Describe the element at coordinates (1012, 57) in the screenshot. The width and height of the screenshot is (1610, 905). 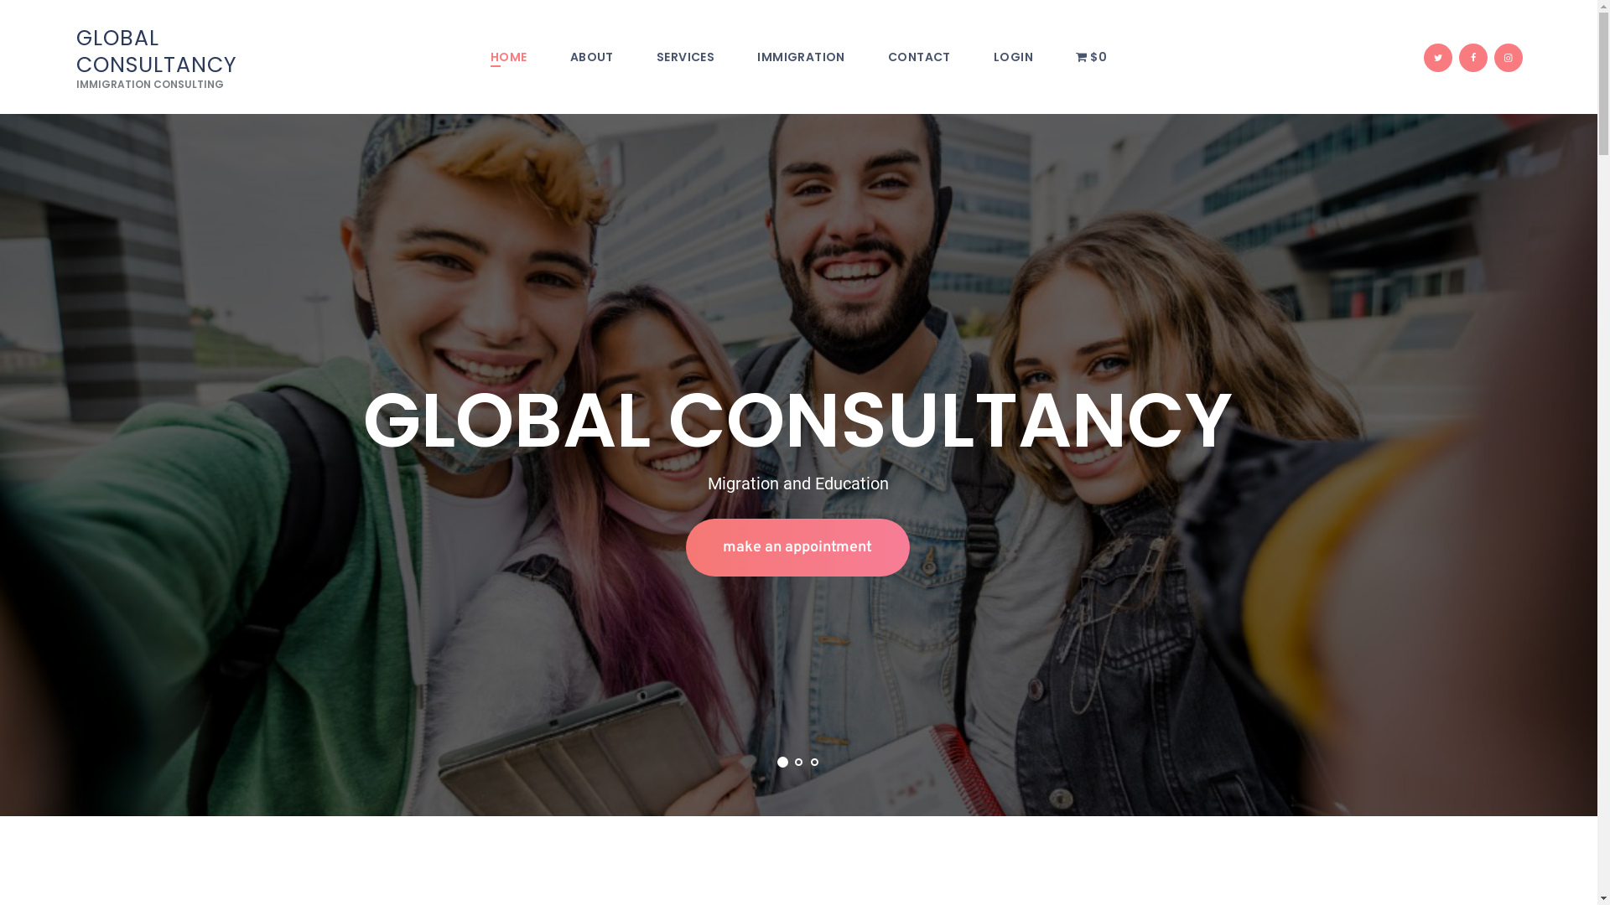
I see `'LOGIN'` at that location.